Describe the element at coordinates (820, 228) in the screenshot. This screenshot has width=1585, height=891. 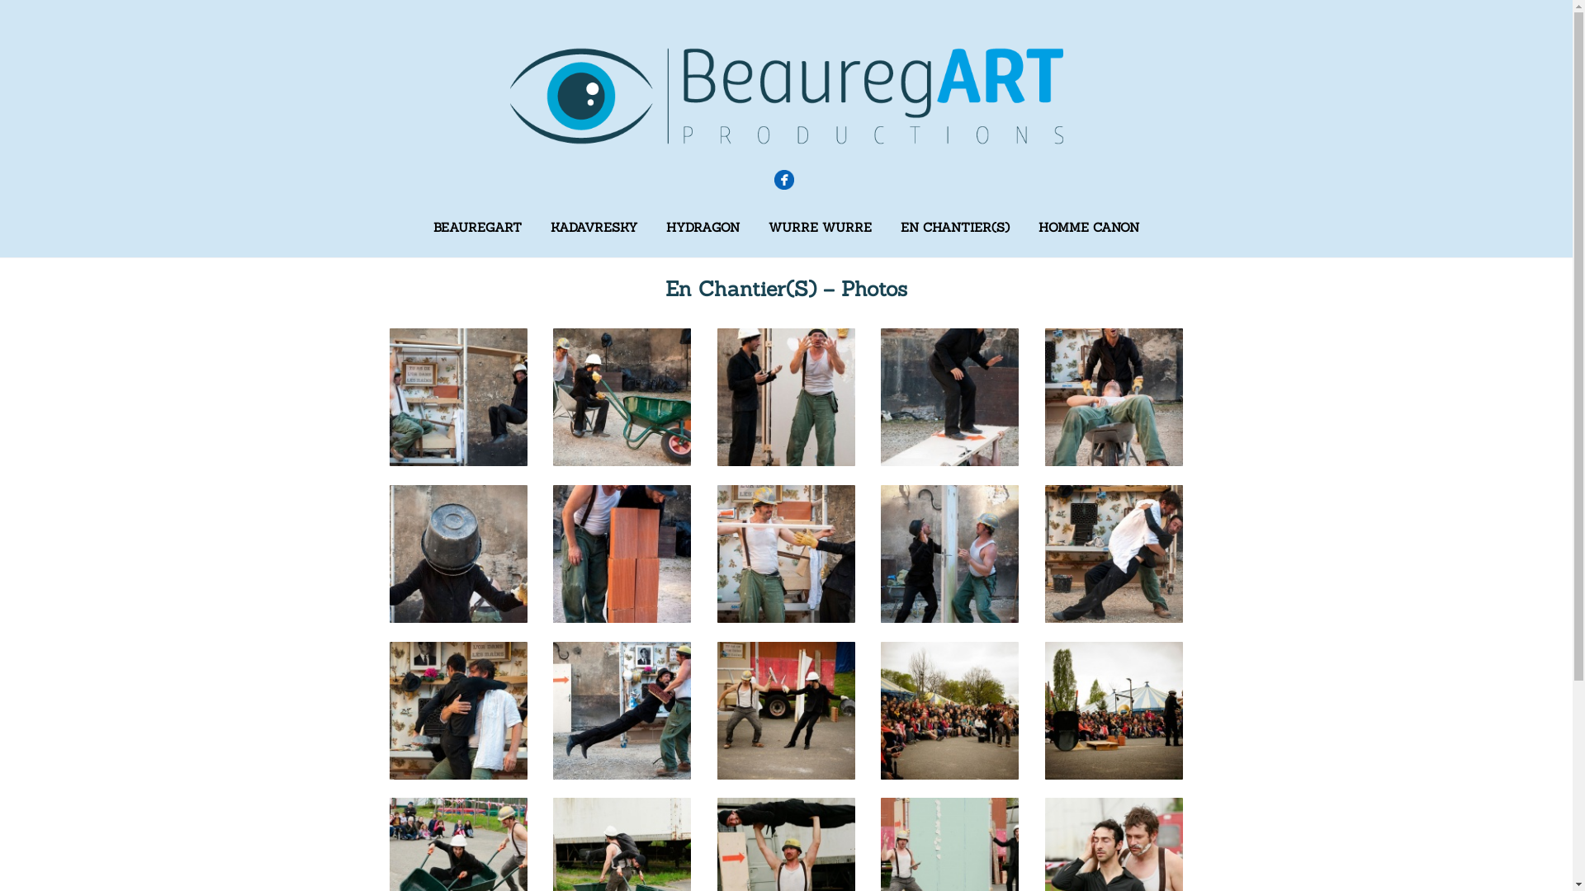
I see `'WURRE WURRE'` at that location.